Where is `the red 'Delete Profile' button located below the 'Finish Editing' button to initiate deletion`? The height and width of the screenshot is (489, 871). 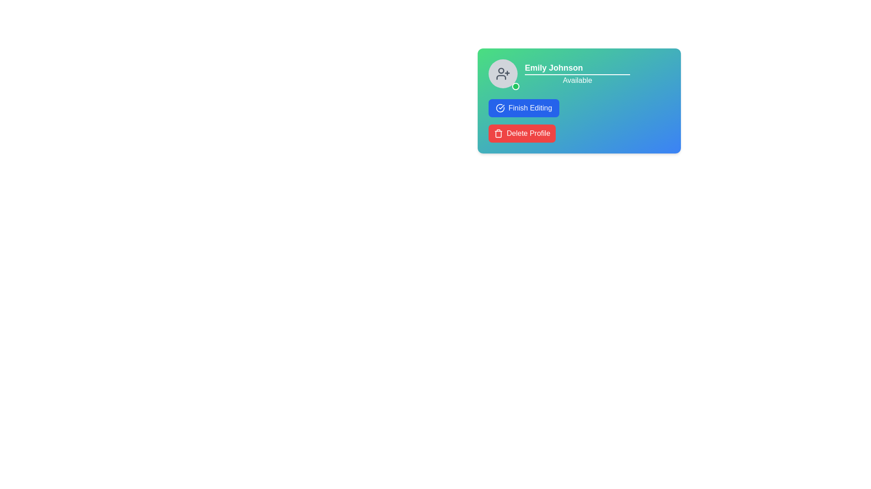
the red 'Delete Profile' button located below the 'Finish Editing' button to initiate deletion is located at coordinates (522, 133).